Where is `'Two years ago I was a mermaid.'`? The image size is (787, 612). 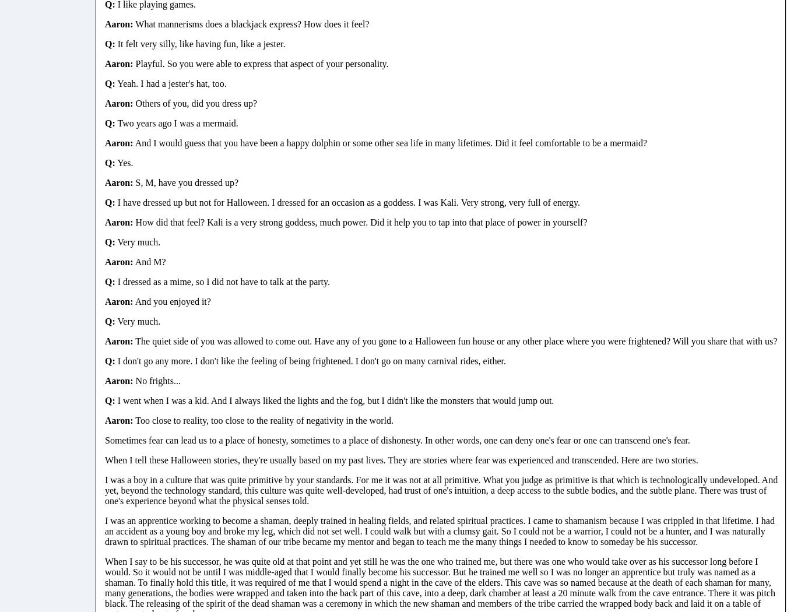 'Two years ago I was a mermaid.' is located at coordinates (175, 122).